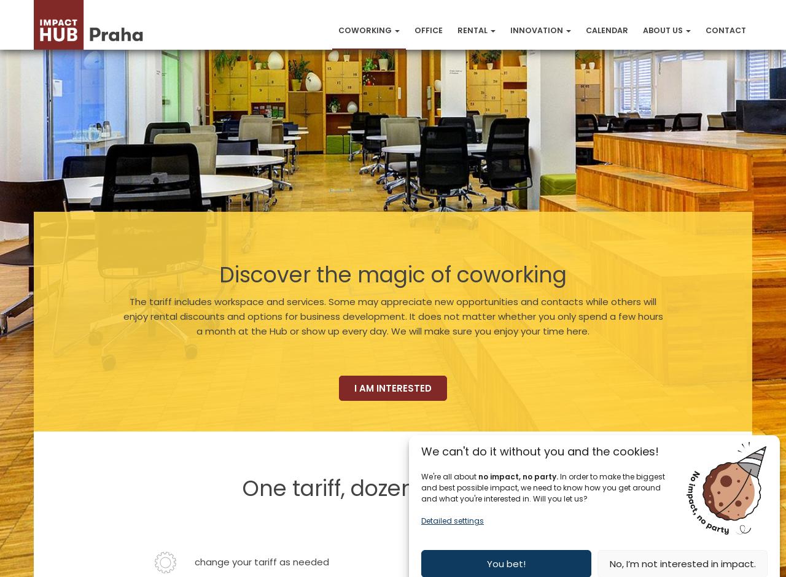 The image size is (786, 577). I want to click on 'Day Pass', so click(357, 125).